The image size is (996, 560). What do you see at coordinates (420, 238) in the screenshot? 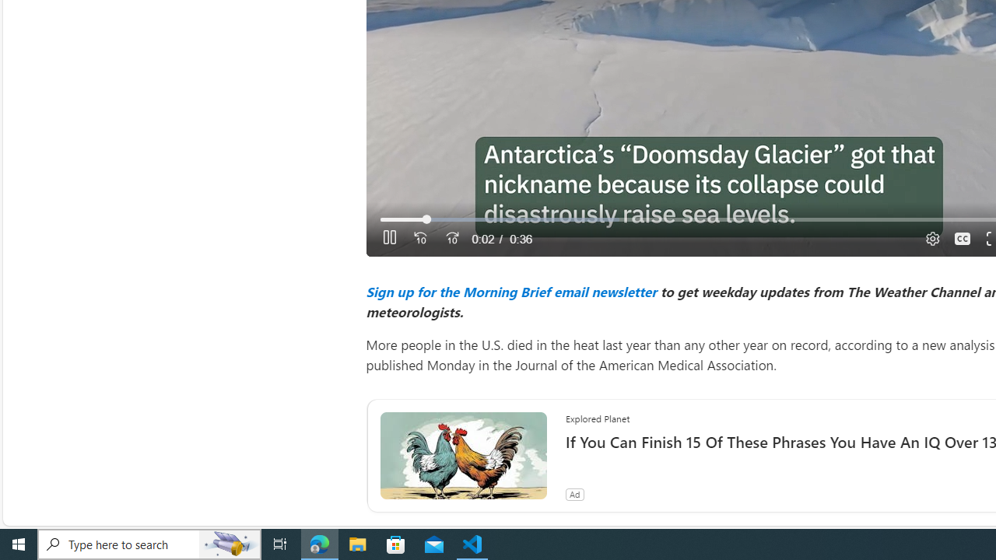
I see `'Seek Back'` at bounding box center [420, 238].